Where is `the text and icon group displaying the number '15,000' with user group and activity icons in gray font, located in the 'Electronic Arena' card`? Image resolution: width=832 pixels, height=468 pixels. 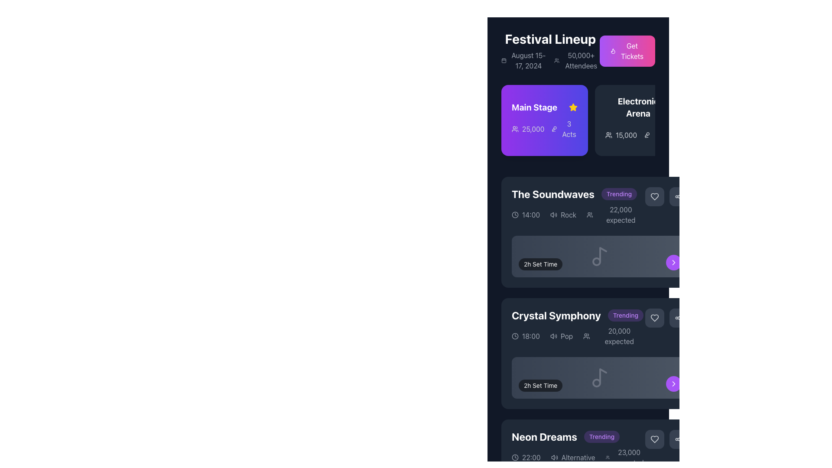
the text and icon group displaying the number '15,000' with user group and activity icons in gray font, located in the 'Electronic Arena' card is located at coordinates (638, 135).